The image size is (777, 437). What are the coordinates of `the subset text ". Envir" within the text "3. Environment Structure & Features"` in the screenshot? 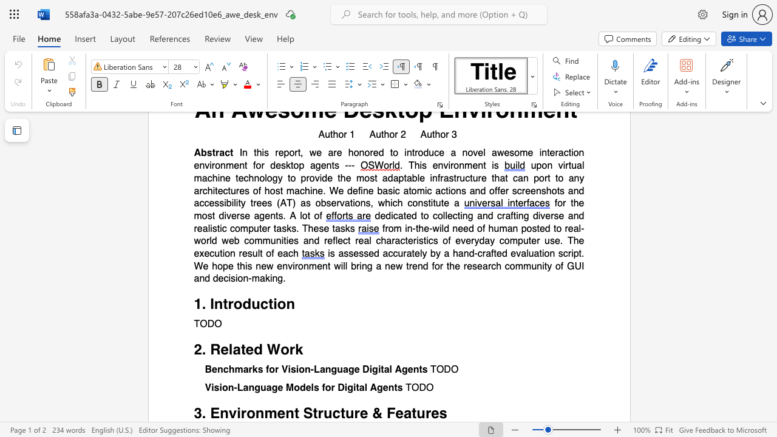 It's located at (202, 413).